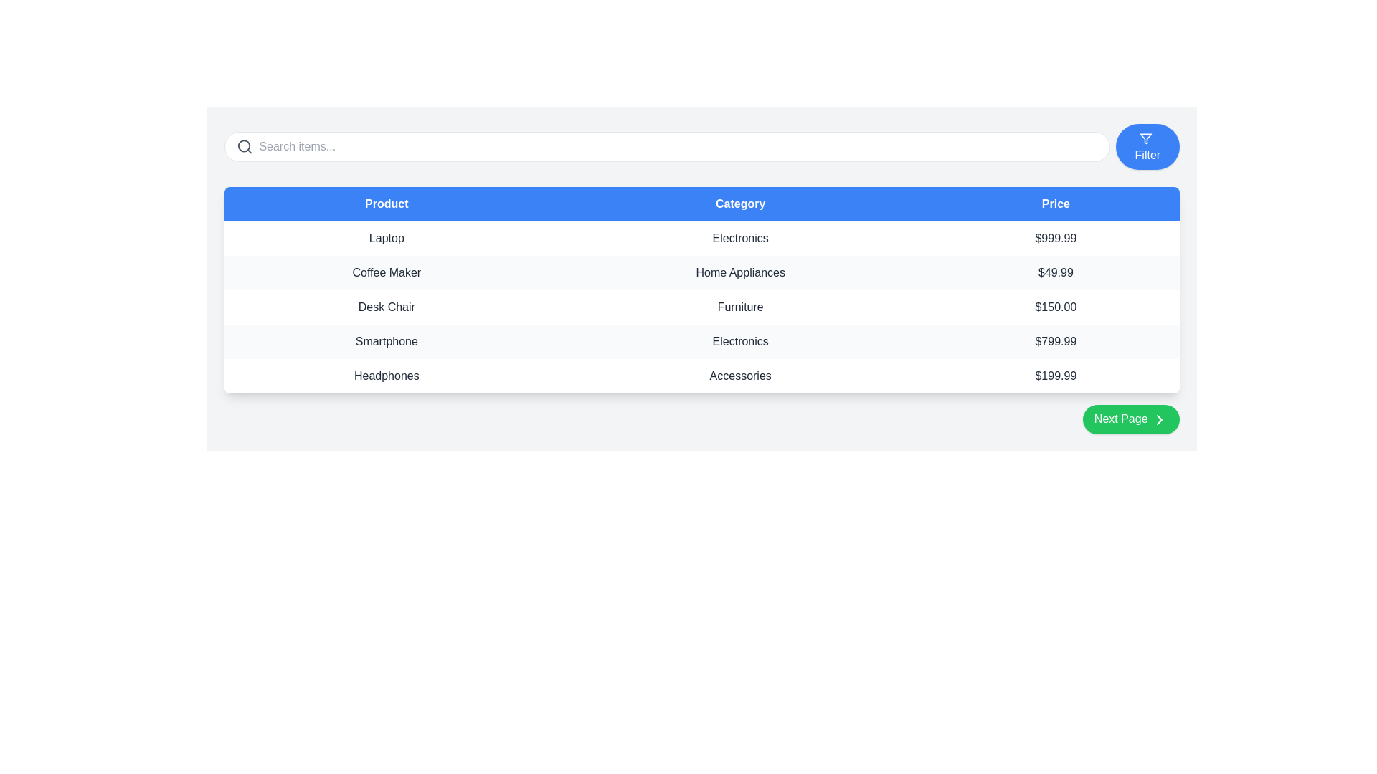  What do you see at coordinates (740, 273) in the screenshot?
I see `the 'Home Appliances' category label, which indicates the classification of the adjacent product 'Coffee Maker'` at bounding box center [740, 273].